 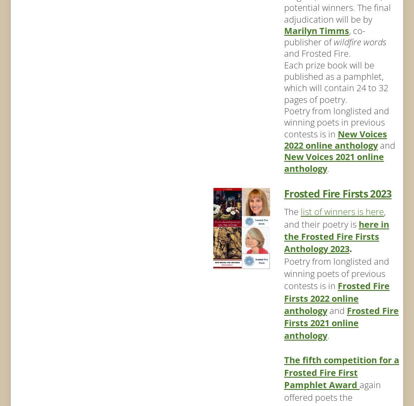 I want to click on 'here in the Frosted Fire Firsts Anthology 2023', so click(x=336, y=235).